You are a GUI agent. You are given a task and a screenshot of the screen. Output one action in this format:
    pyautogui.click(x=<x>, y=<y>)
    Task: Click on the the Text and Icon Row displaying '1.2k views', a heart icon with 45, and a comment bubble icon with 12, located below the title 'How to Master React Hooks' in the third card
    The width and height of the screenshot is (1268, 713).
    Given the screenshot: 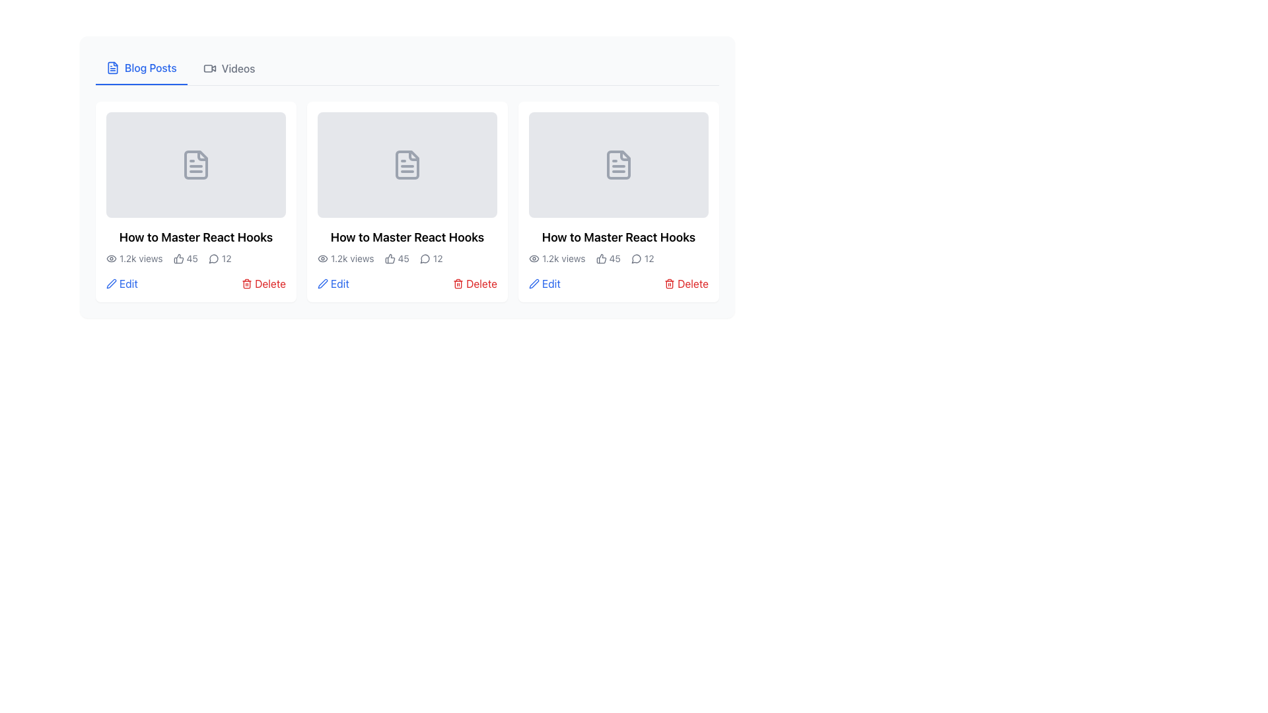 What is the action you would take?
    pyautogui.click(x=617, y=259)
    